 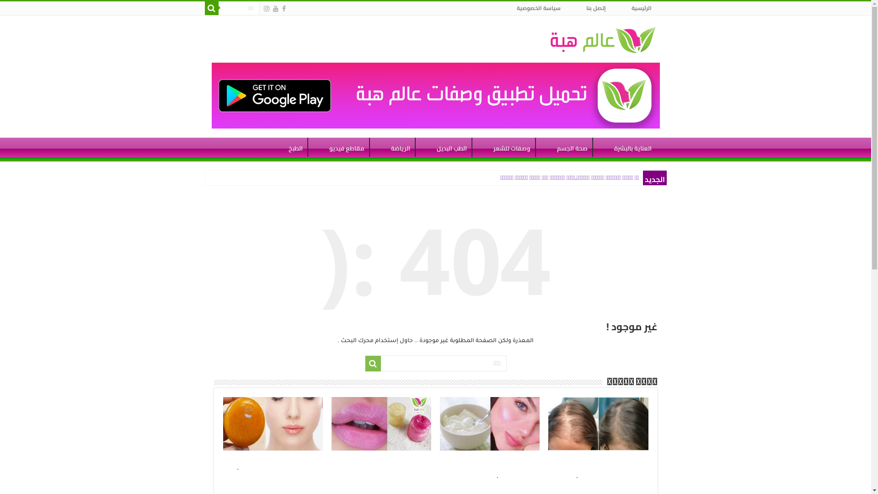 I want to click on 'Youtube', so click(x=271, y=9).